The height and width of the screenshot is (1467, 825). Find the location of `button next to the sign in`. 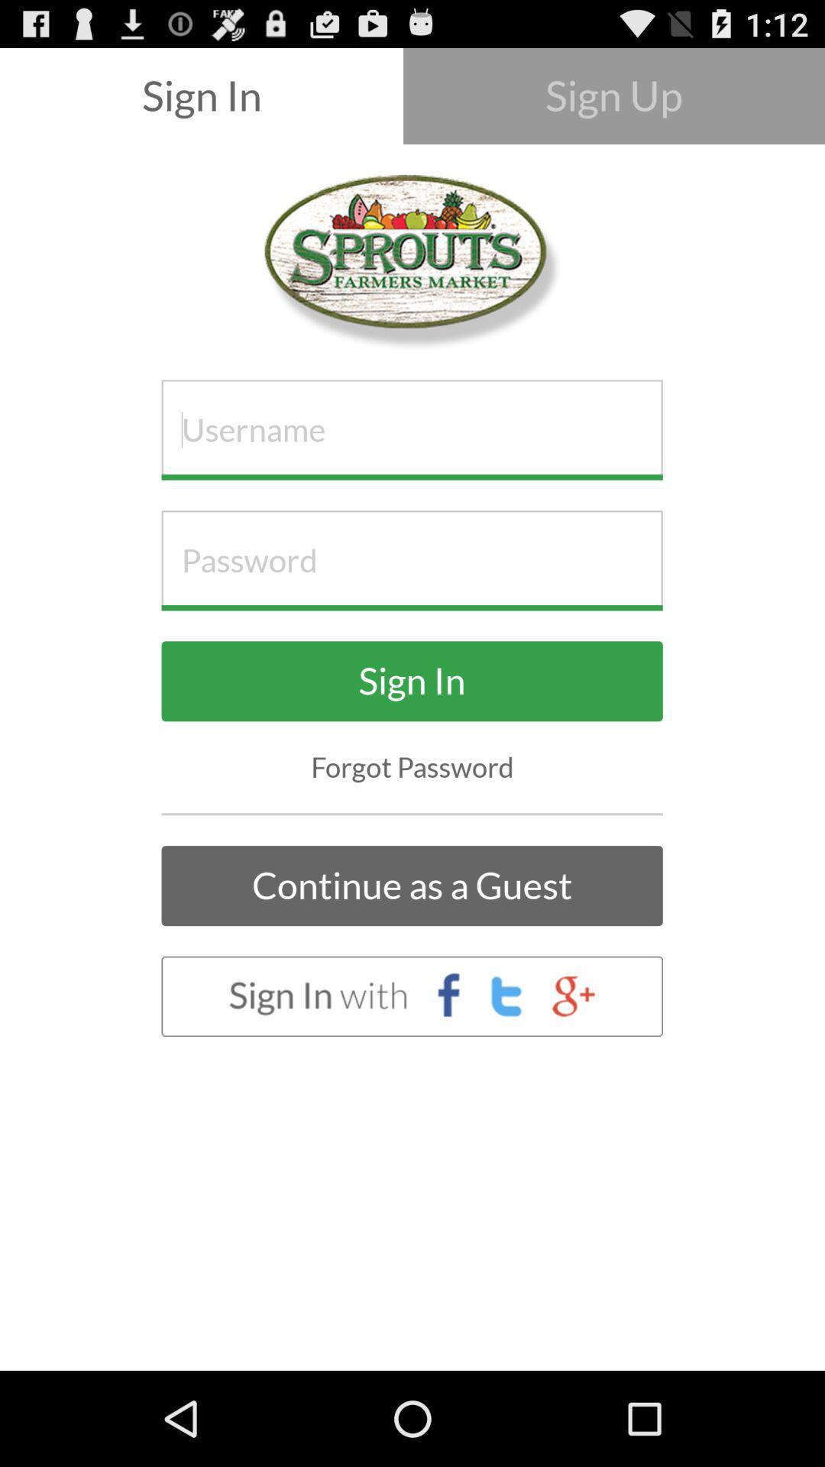

button next to the sign in is located at coordinates (613, 95).